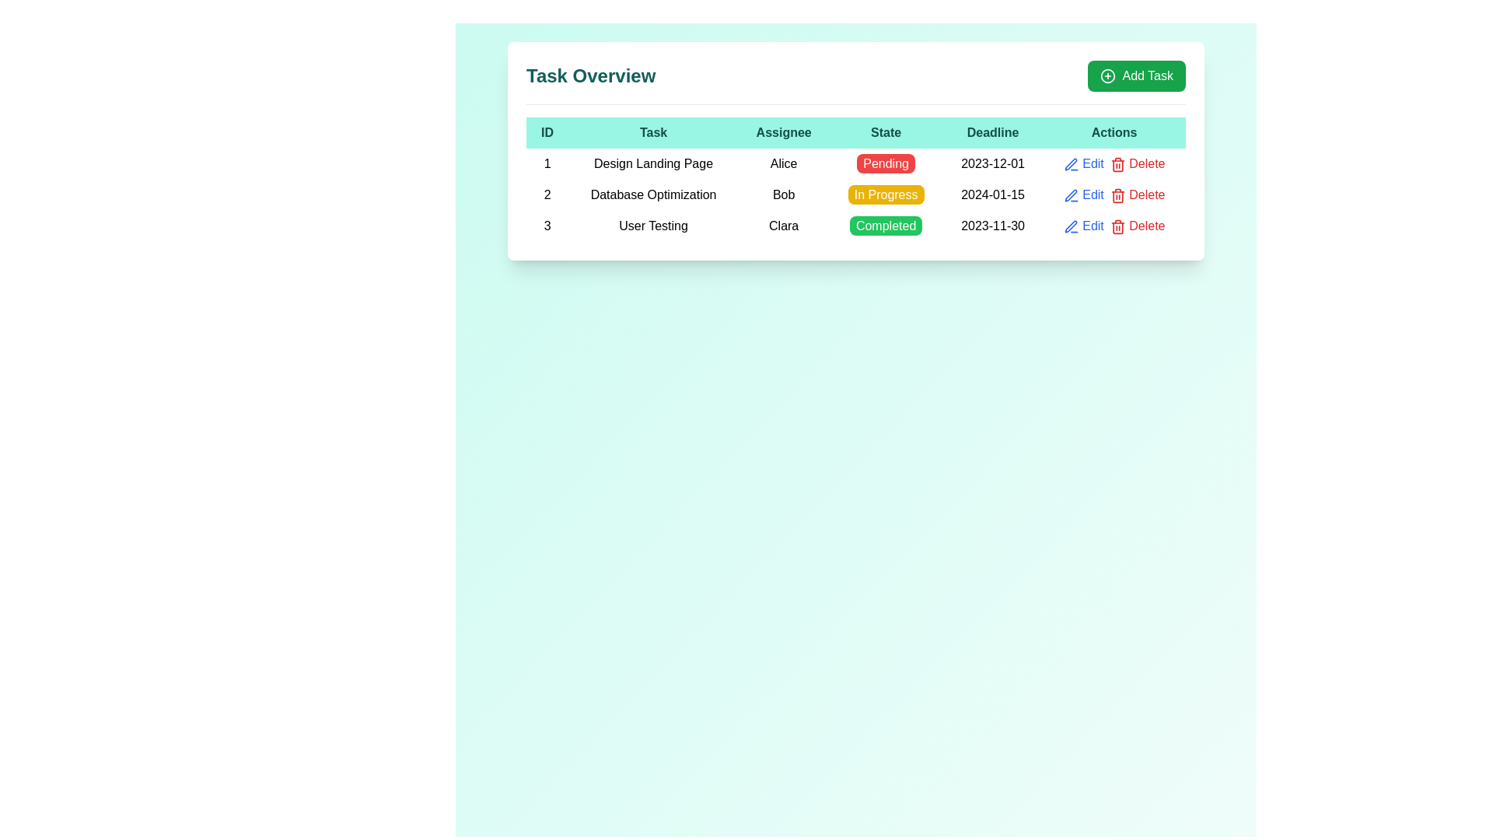 Image resolution: width=1493 pixels, height=840 pixels. What do you see at coordinates (1070, 226) in the screenshot?
I see `the editable modification indicator icon located in the 'Actions' column of the third row in the task overview table, next to the 'Edit' text` at bounding box center [1070, 226].